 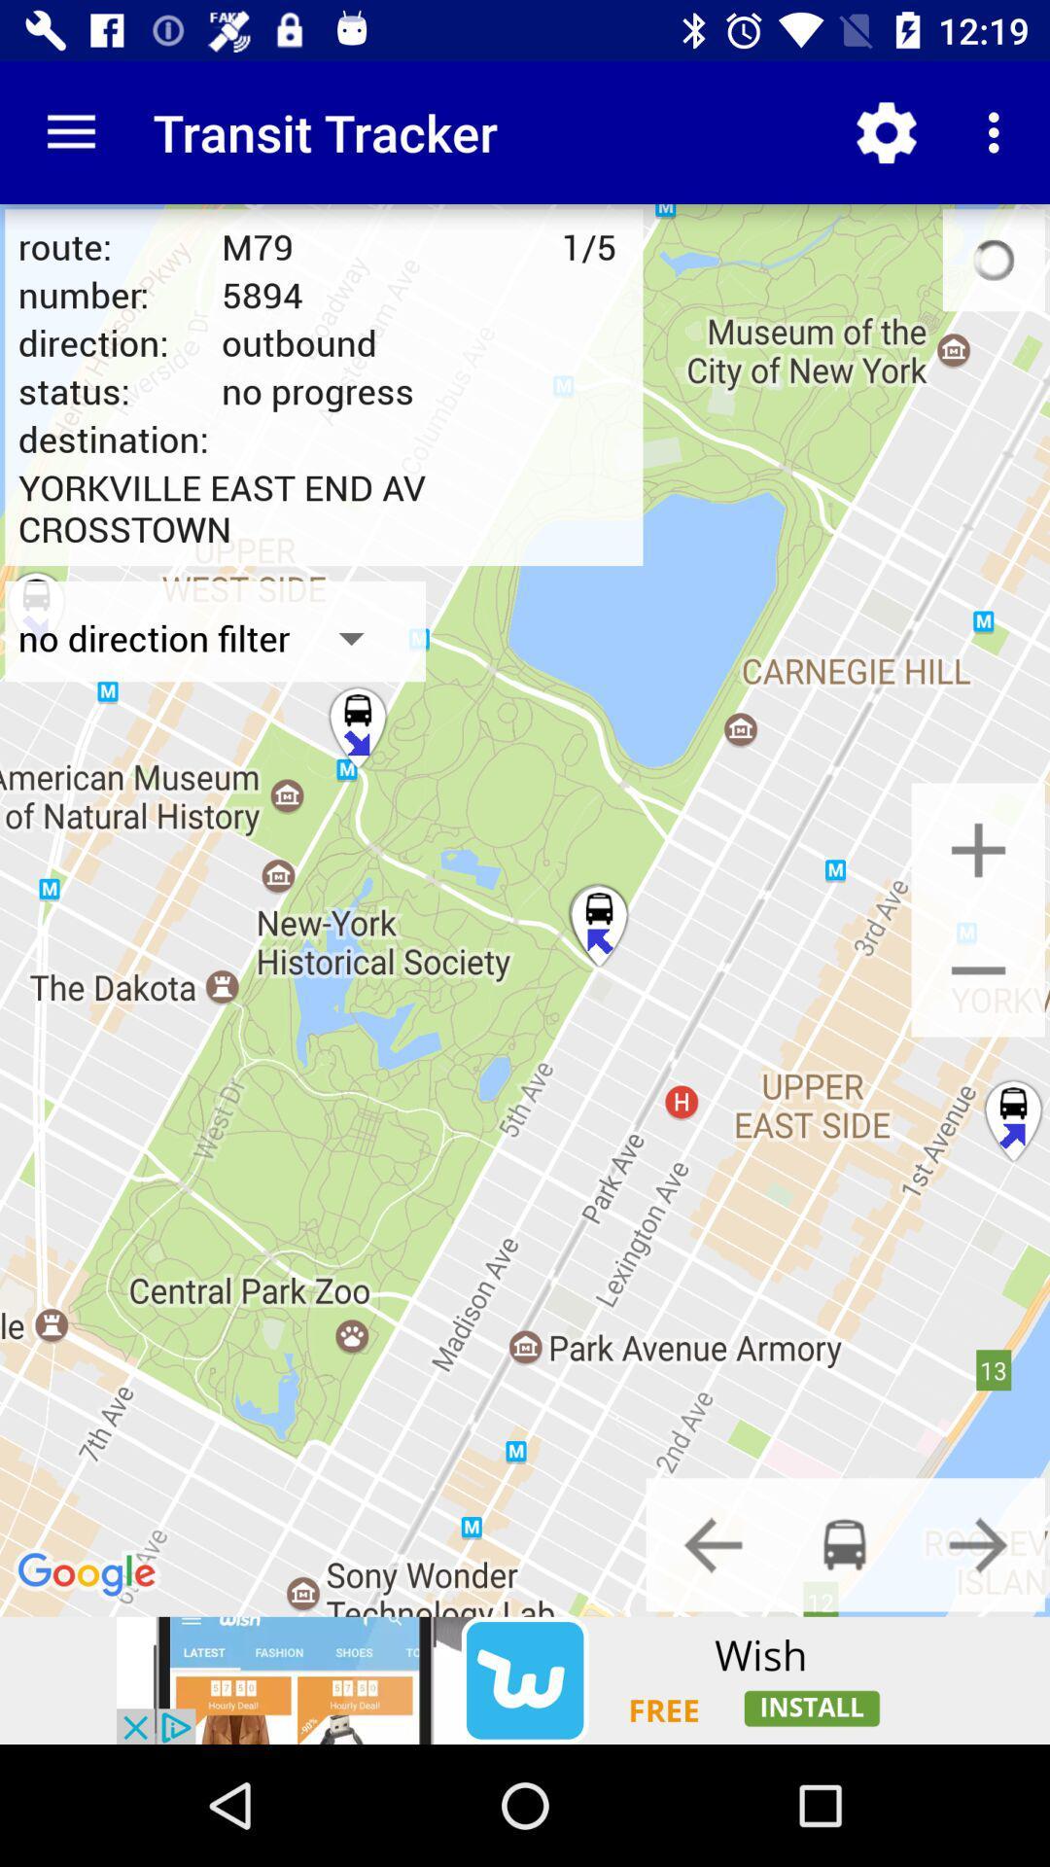 I want to click on increase, so click(x=978, y=850).